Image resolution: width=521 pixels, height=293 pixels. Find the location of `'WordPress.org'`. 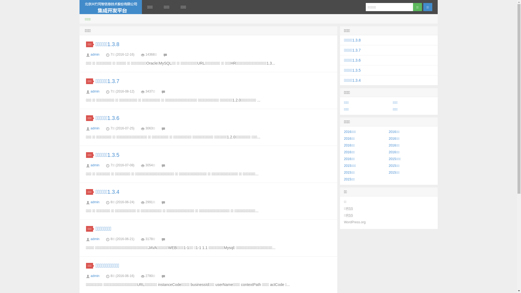

'WordPress.org' is located at coordinates (355, 222).